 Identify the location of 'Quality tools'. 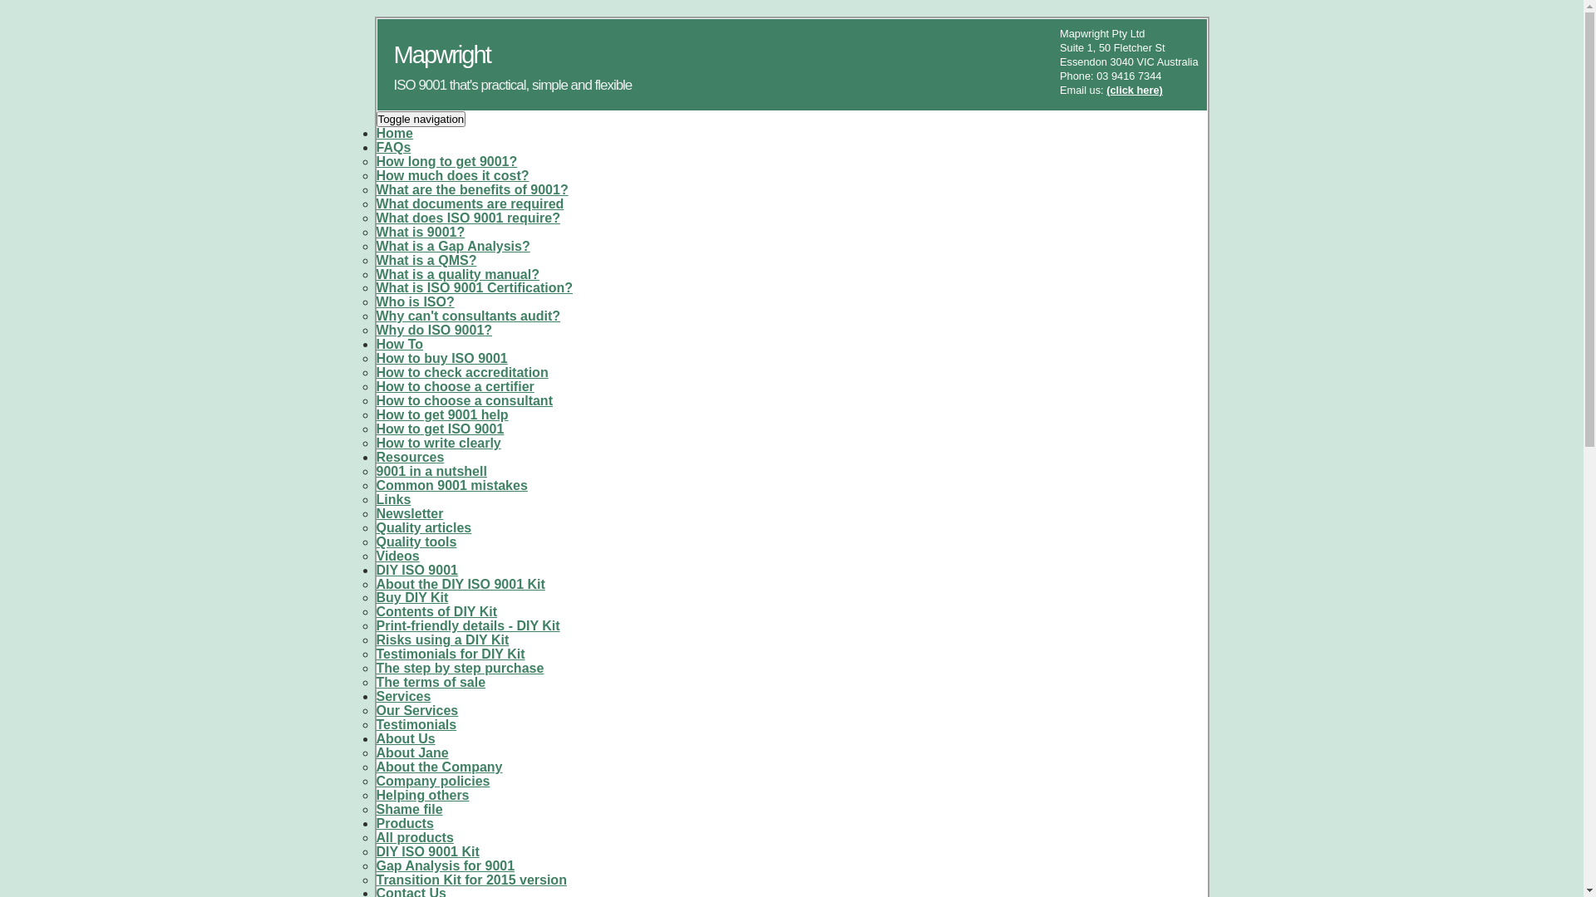
(416, 542).